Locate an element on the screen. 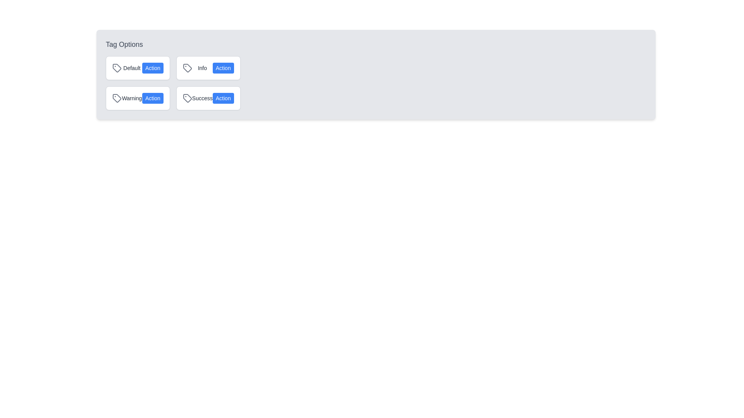  the 'Action' button located on the card in the top-right cell of the grid, which contains an icon of a tag and the text 'Info' is located at coordinates (208, 68).